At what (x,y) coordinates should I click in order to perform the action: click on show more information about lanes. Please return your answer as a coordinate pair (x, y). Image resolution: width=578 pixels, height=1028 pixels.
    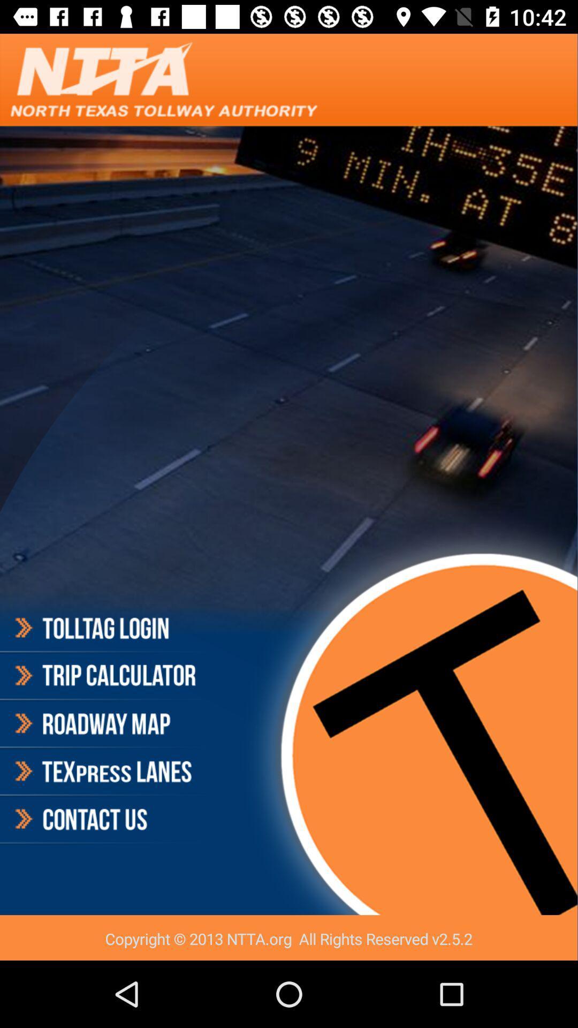
    Looking at the image, I should click on (104, 772).